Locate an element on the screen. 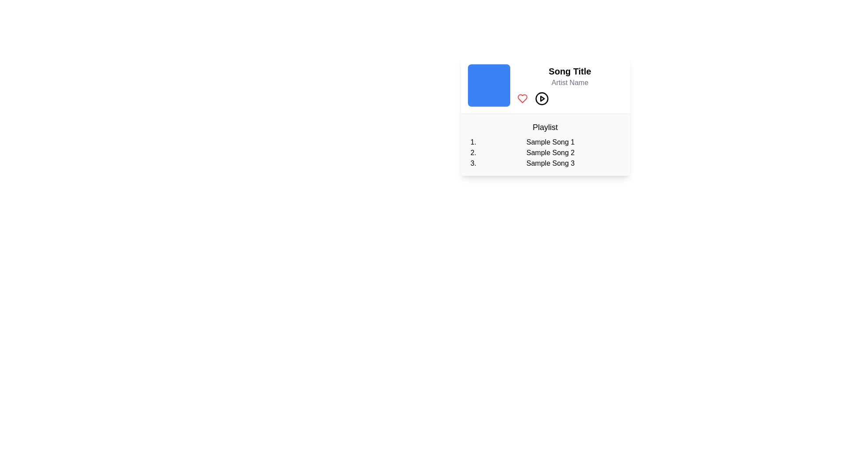 This screenshot has width=846, height=476. the section containing the playlist header 'Playlist' and the list of songs 'Sample Song 1', 'Sample Song 2', and 'Sample Song 3' is located at coordinates (545, 144).